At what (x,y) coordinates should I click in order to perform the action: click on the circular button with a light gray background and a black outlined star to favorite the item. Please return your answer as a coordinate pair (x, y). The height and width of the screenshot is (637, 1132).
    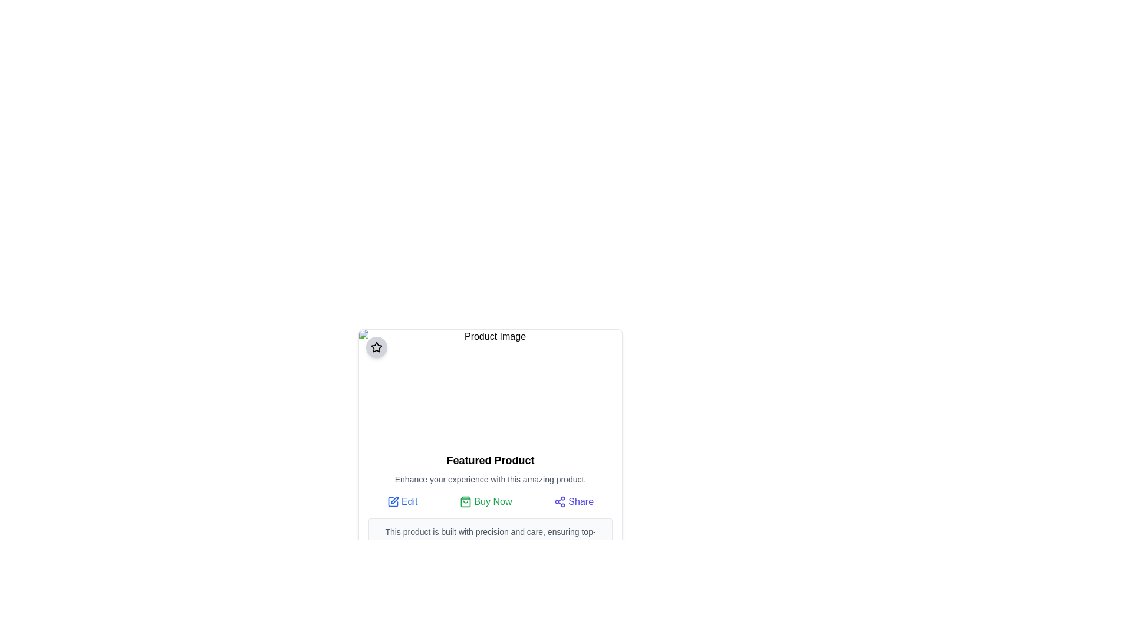
    Looking at the image, I should click on (376, 347).